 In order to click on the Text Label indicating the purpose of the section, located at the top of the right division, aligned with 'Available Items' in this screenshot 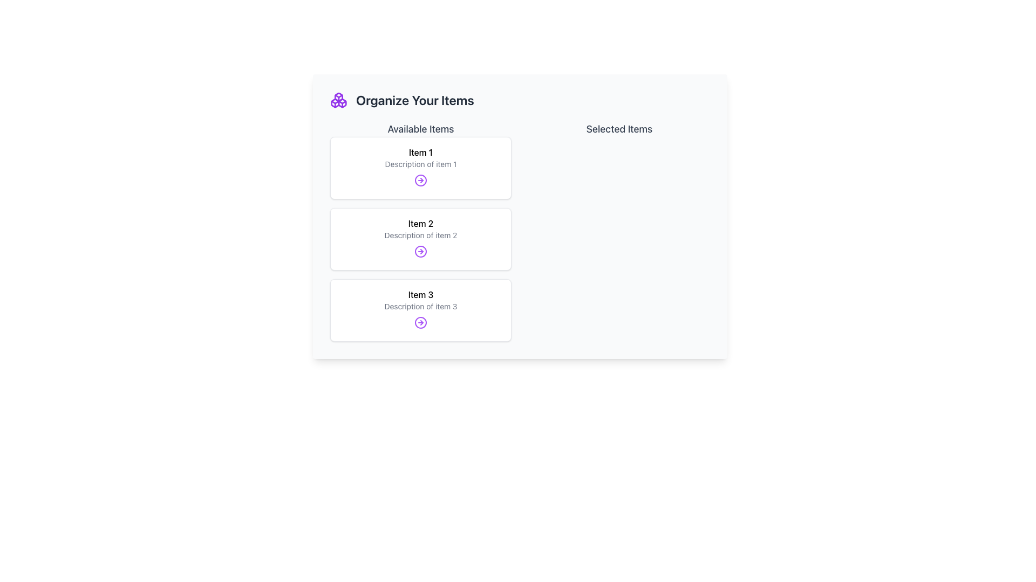, I will do `click(619, 128)`.